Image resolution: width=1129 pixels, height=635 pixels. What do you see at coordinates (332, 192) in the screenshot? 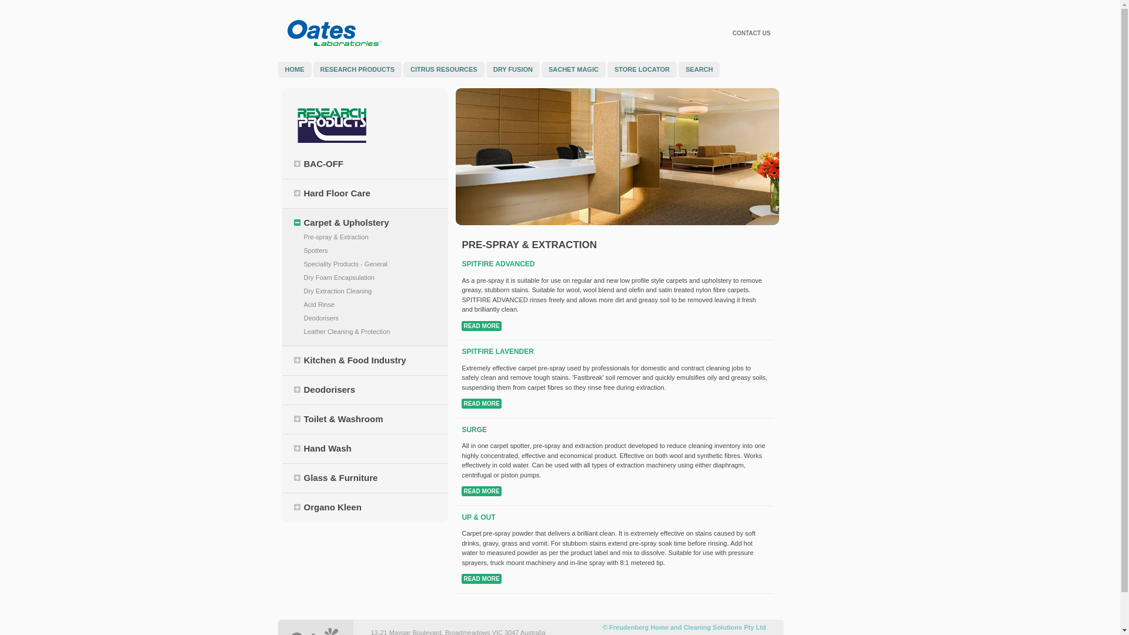
I see `'Hard Floor Care'` at bounding box center [332, 192].